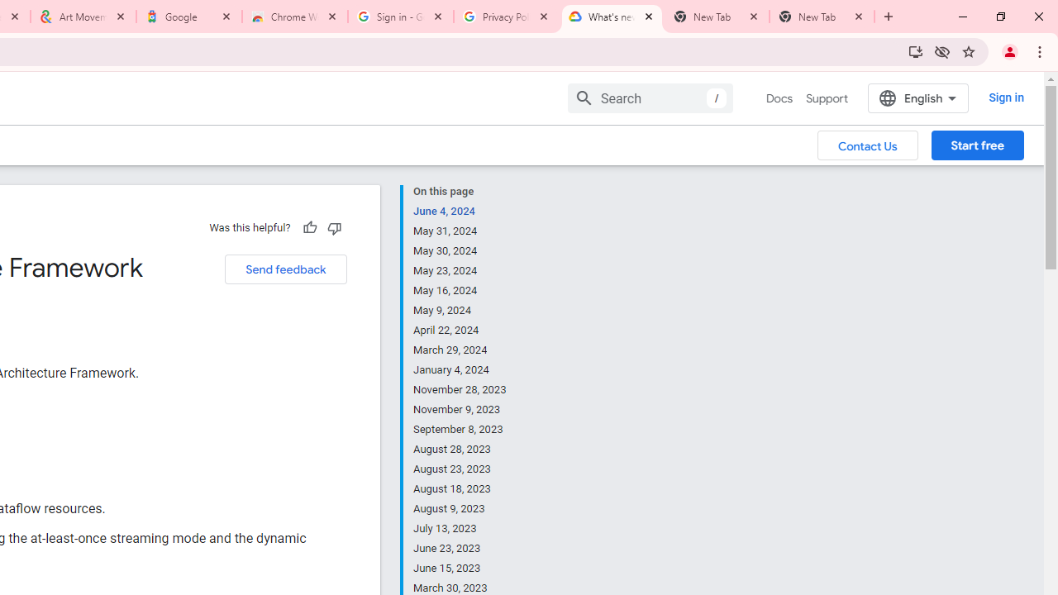 This screenshot has width=1058, height=595. Describe the element at coordinates (460, 389) in the screenshot. I see `'November 28, 2023'` at that location.